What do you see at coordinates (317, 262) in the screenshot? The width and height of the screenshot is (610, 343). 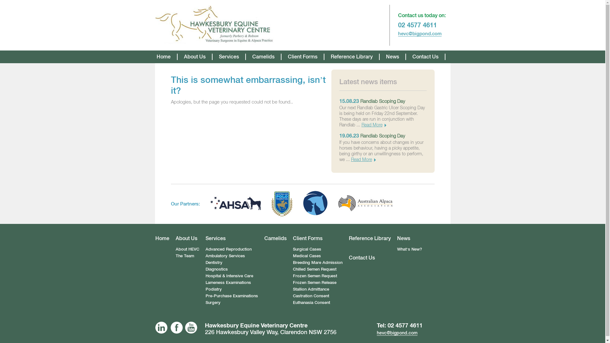 I see `'Breeding Mare Admission'` at bounding box center [317, 262].